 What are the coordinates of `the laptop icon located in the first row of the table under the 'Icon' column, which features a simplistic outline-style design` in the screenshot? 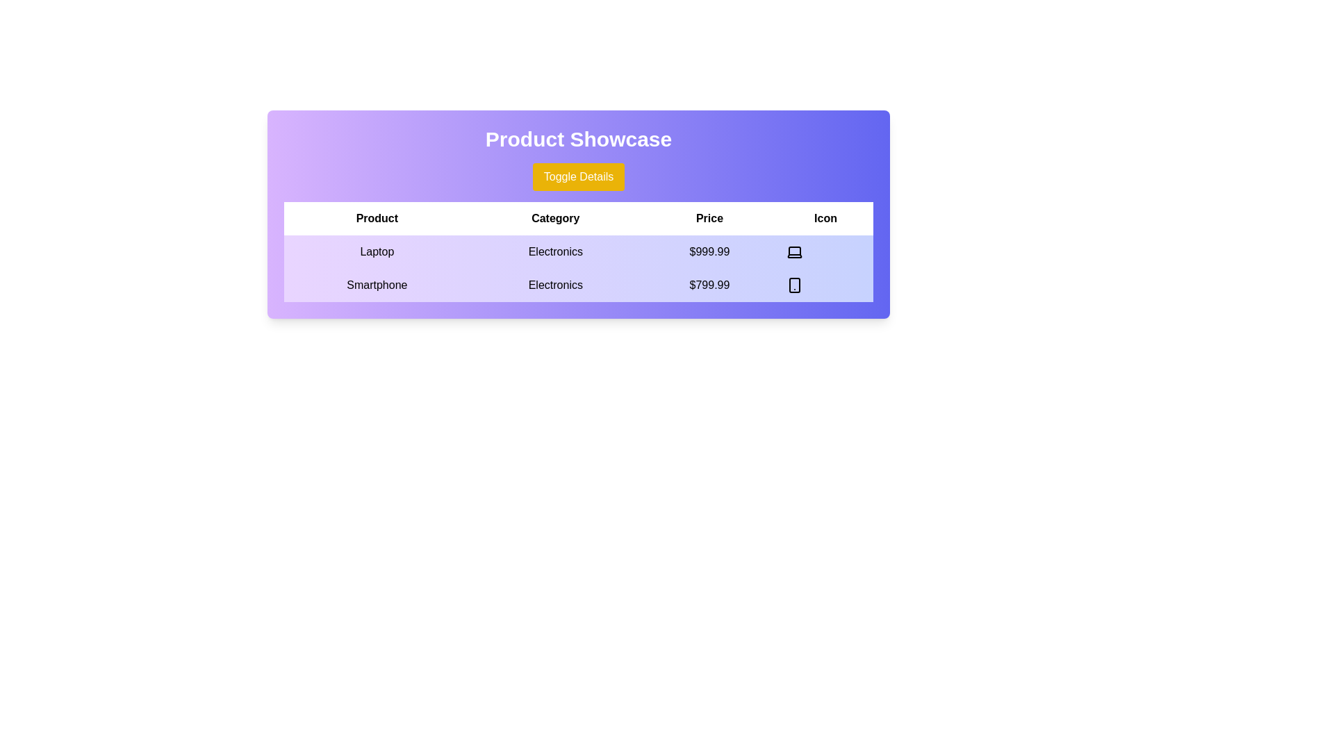 It's located at (794, 251).